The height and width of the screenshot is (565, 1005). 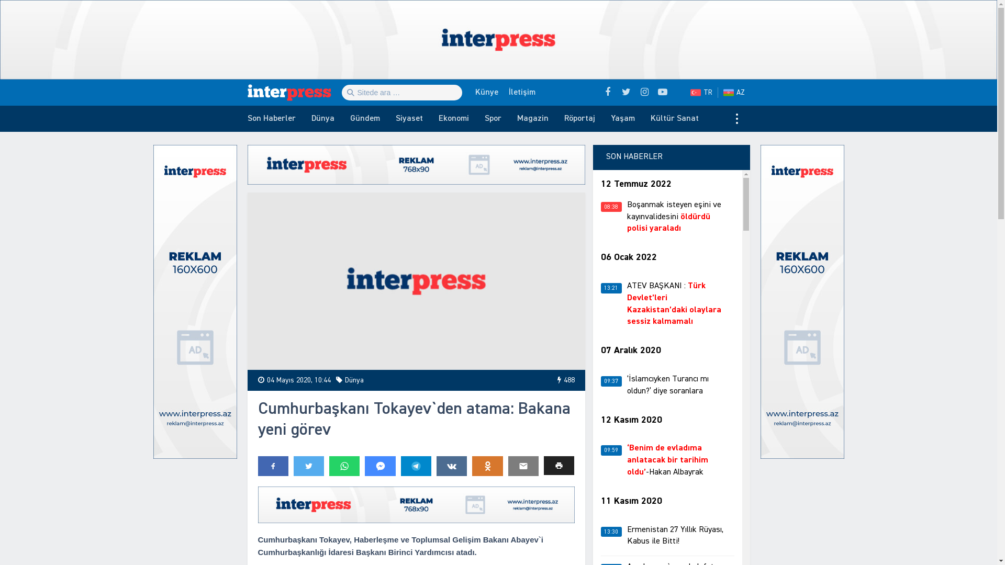 I want to click on '!Reklam', so click(x=415, y=165).